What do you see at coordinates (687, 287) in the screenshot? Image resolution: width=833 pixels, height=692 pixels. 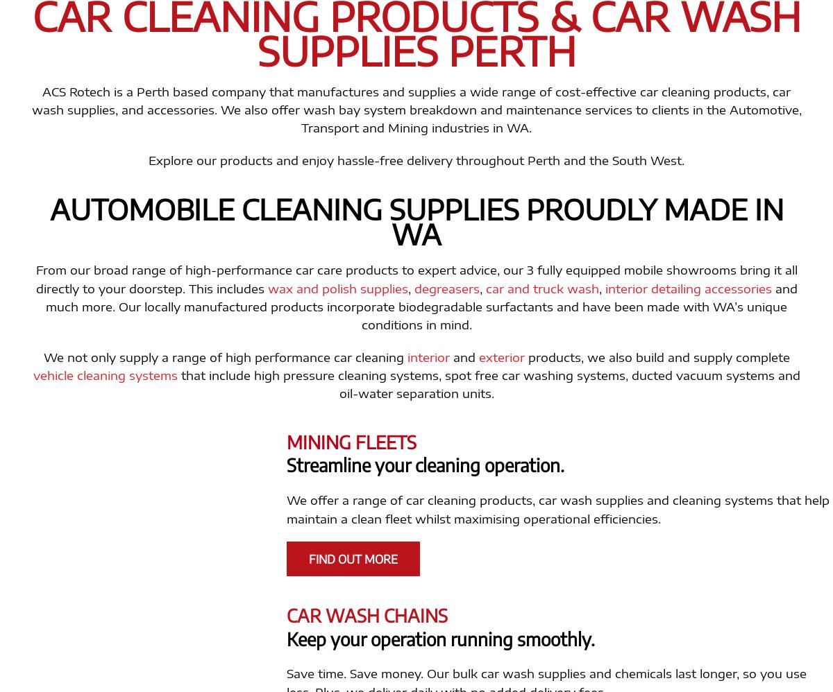 I see `'interior detailing accessories'` at bounding box center [687, 287].